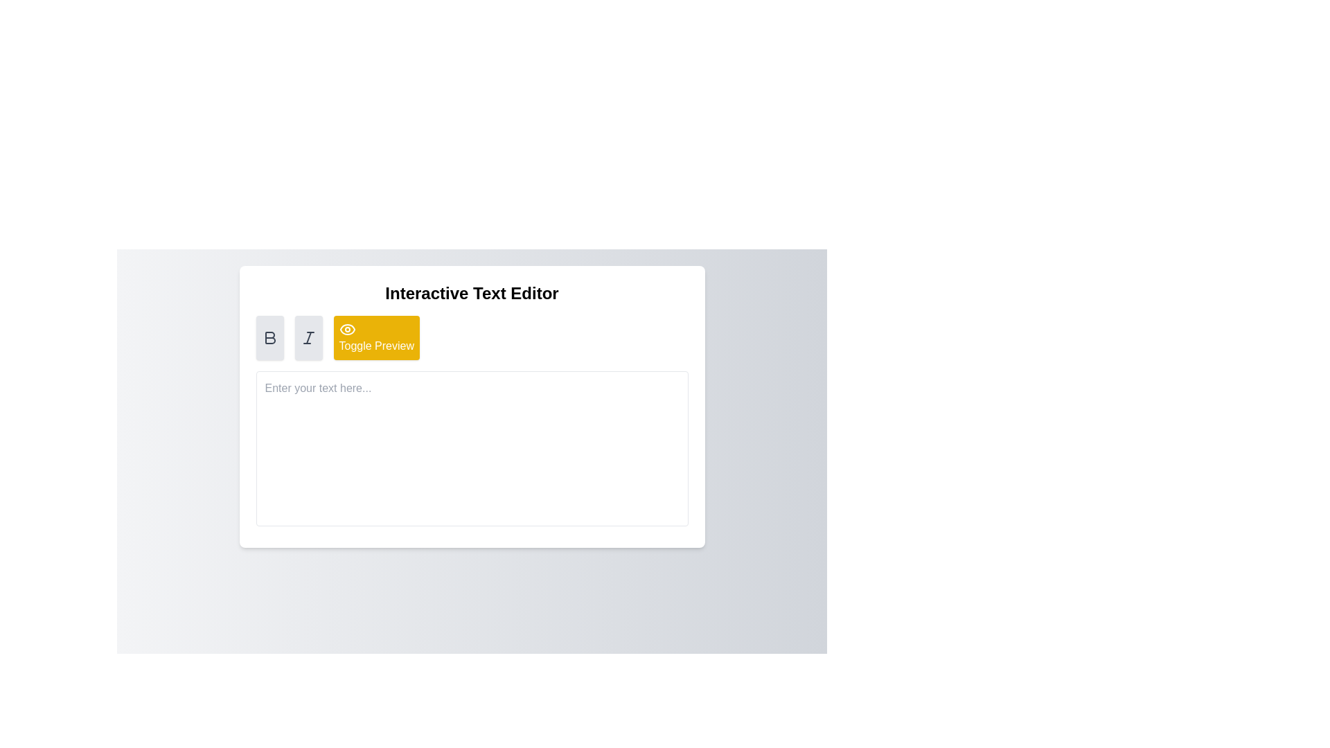 Image resolution: width=1330 pixels, height=748 pixels. Describe the element at coordinates (269, 338) in the screenshot. I see `the bold 'B' icon button located in the top-left section of the text editor` at that location.